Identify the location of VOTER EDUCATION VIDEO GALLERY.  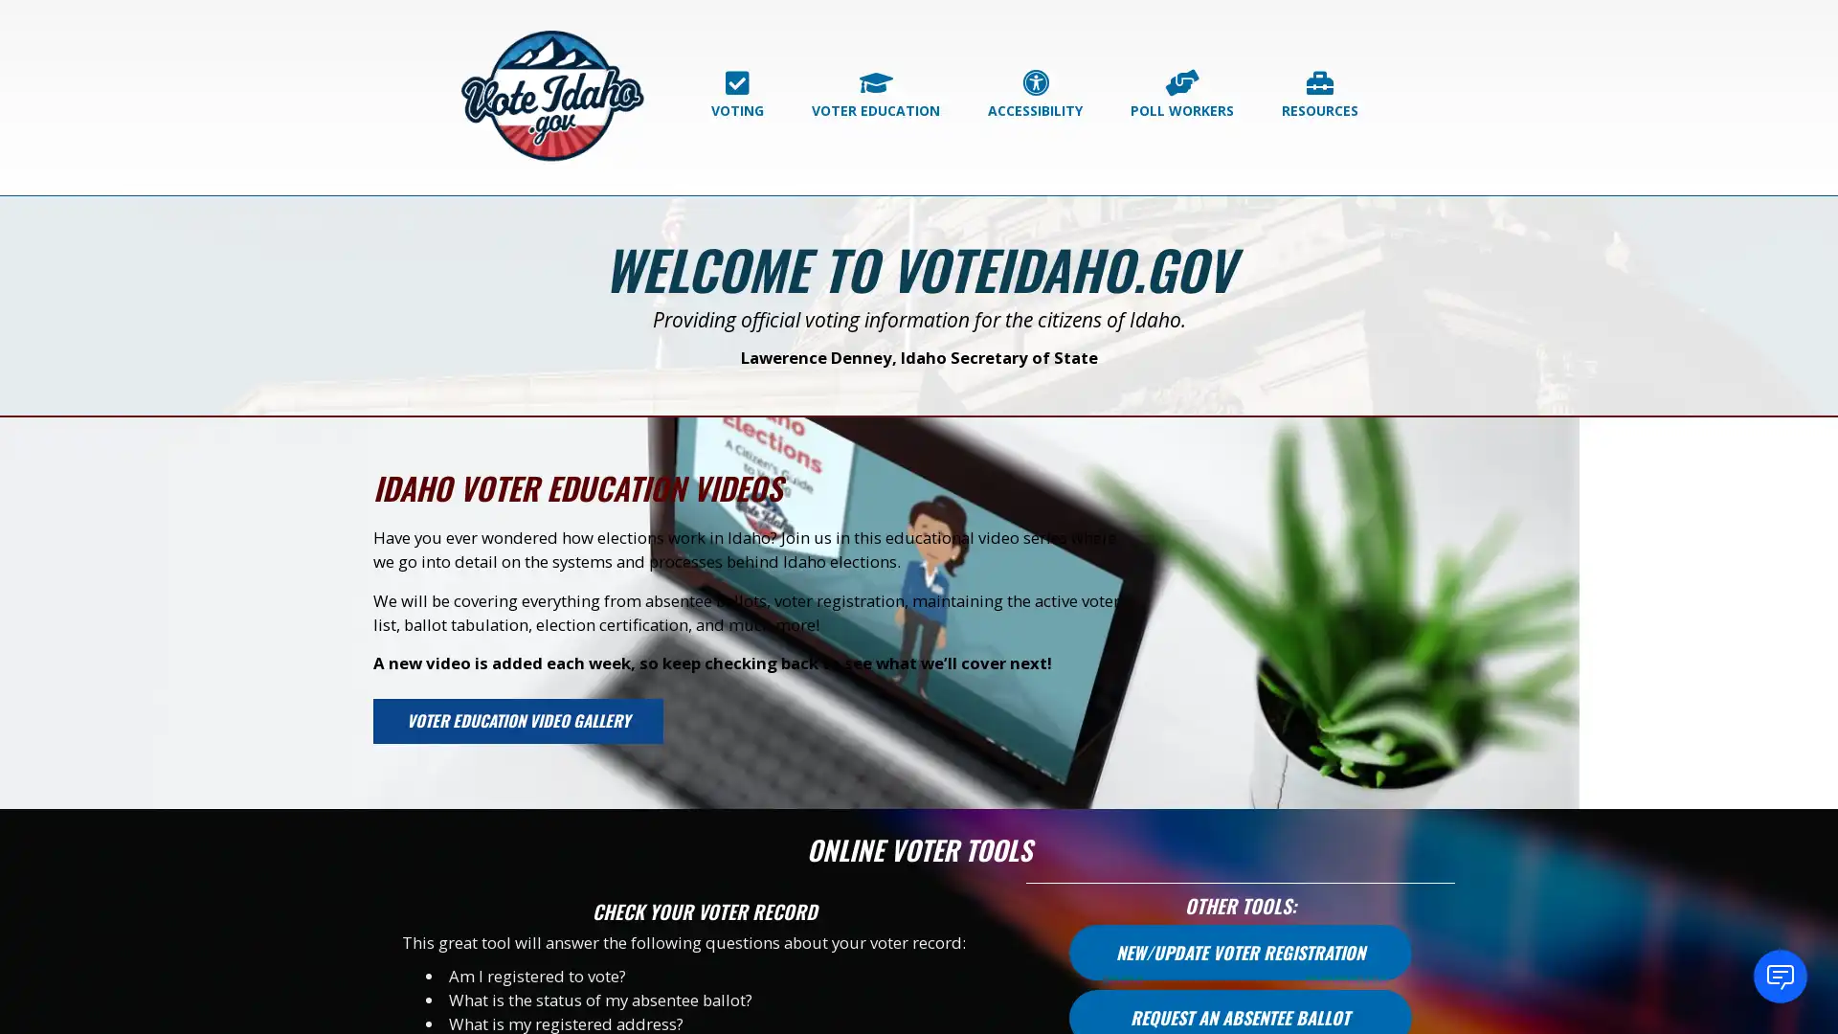
(544, 723).